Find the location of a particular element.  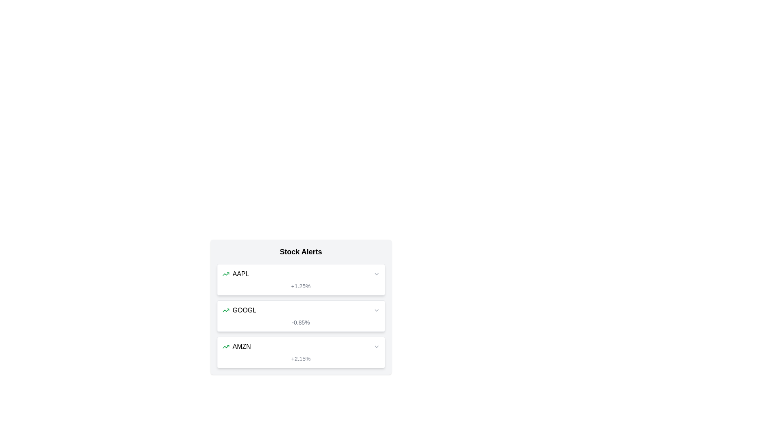

the displayed information on the second Information display card that shows 'GOOGL' with a percentage of '-0.85%' in a clean, modern style is located at coordinates (300, 316).